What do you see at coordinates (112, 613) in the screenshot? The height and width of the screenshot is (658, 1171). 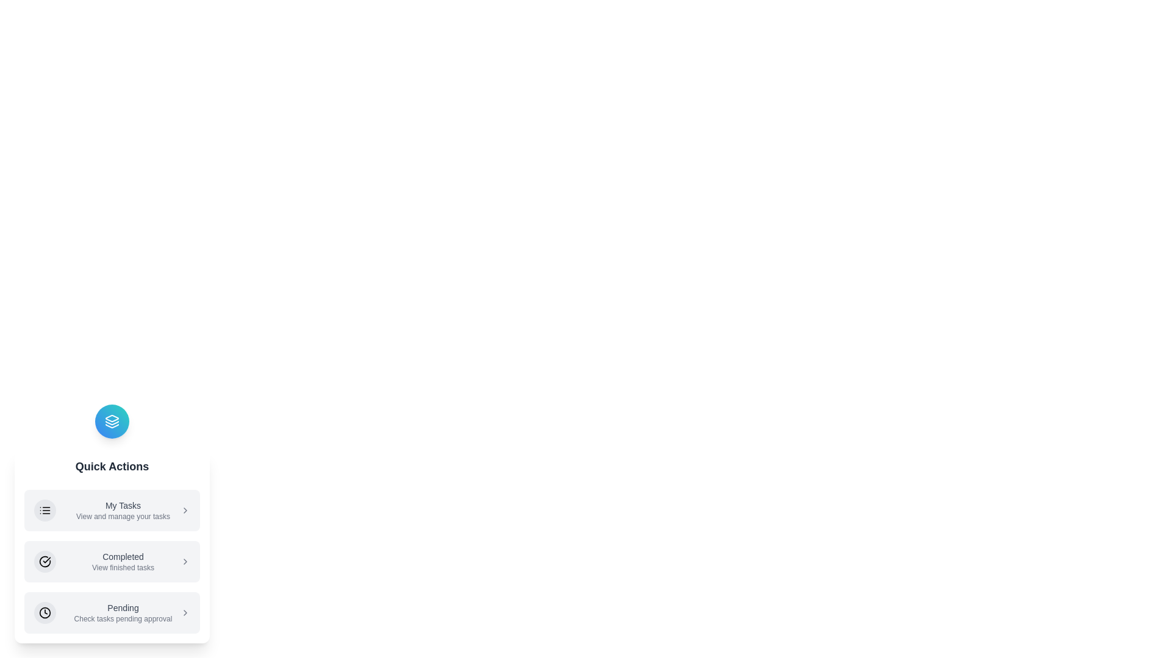 I see `the menu item labeled Pending` at bounding box center [112, 613].